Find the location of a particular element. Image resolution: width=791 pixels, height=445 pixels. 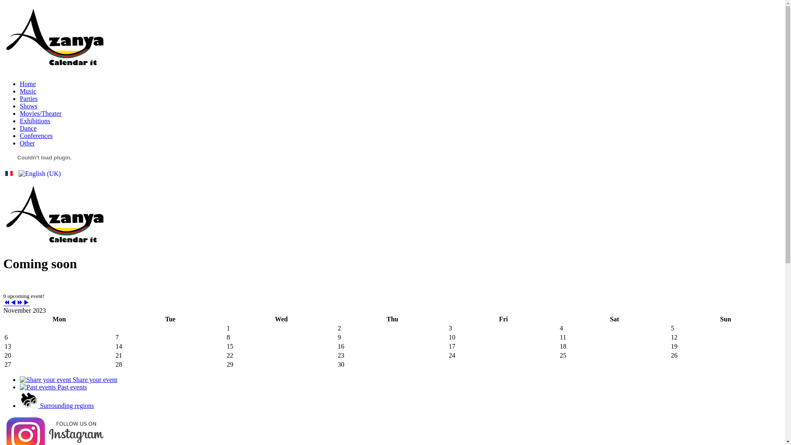

'Parties' is located at coordinates (29, 98).